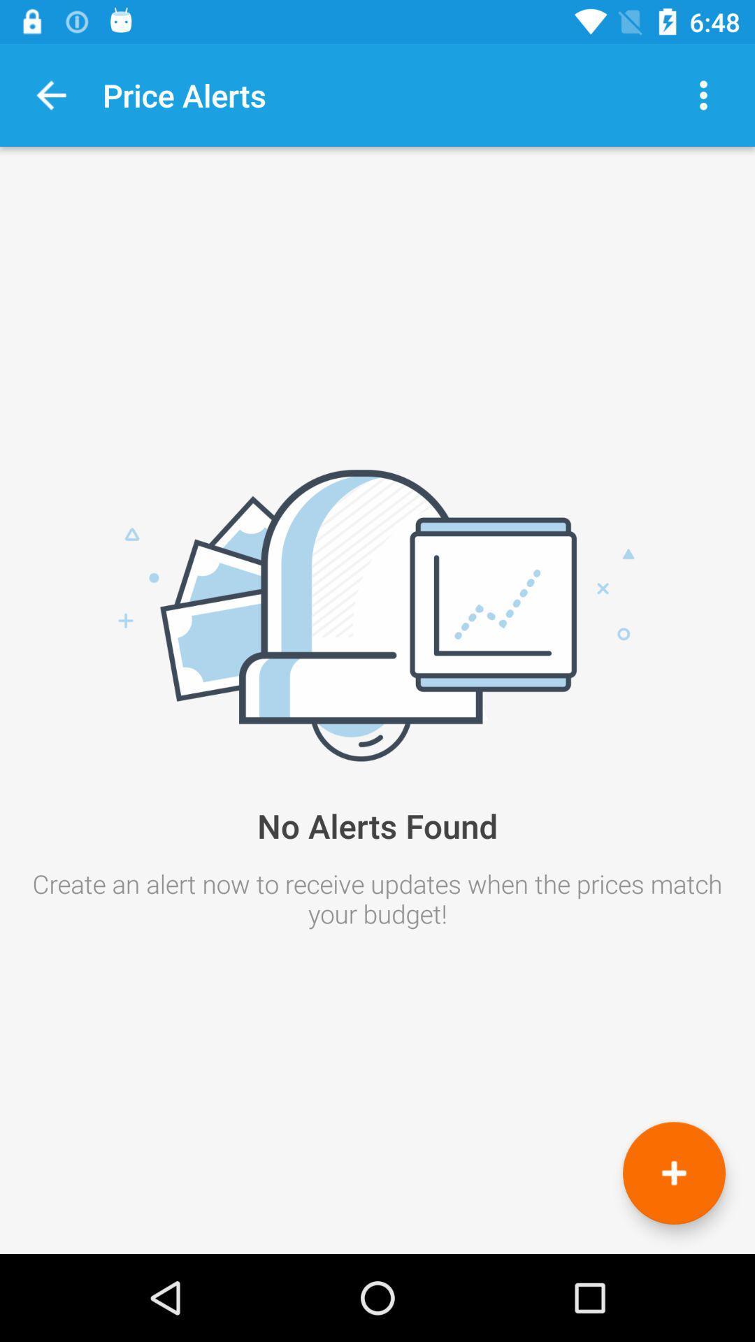 The height and width of the screenshot is (1342, 755). What do you see at coordinates (703, 94) in the screenshot?
I see `the icon at the top right corner` at bounding box center [703, 94].